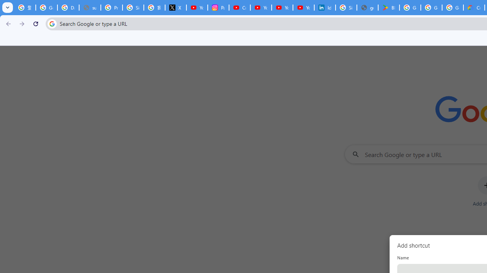 The width and height of the screenshot is (487, 273). I want to click on 'Bluey: Let', so click(389, 8).